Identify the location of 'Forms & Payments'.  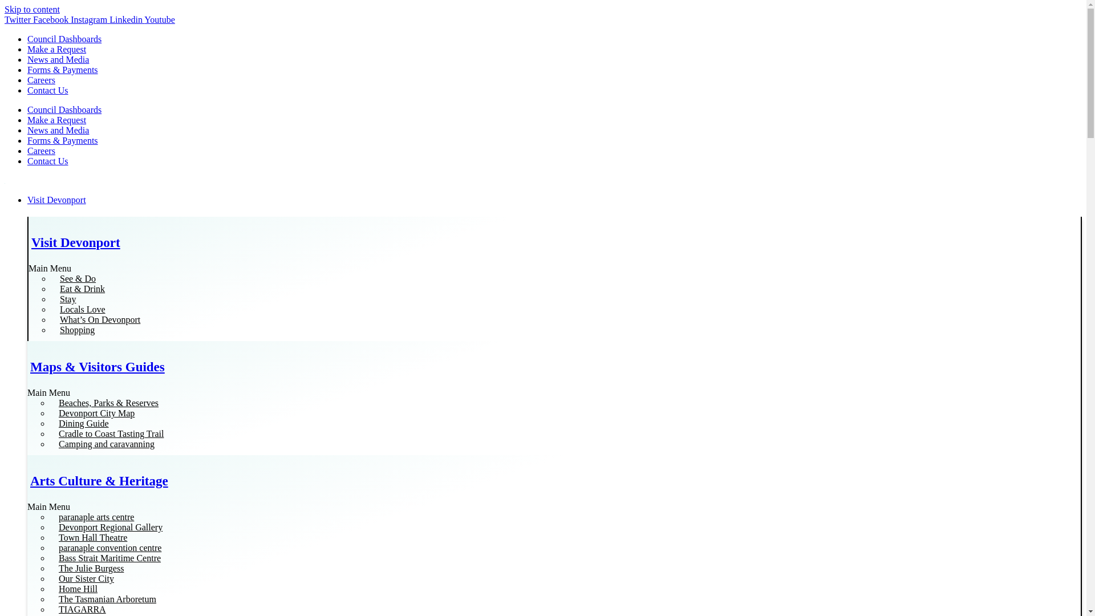
(62, 70).